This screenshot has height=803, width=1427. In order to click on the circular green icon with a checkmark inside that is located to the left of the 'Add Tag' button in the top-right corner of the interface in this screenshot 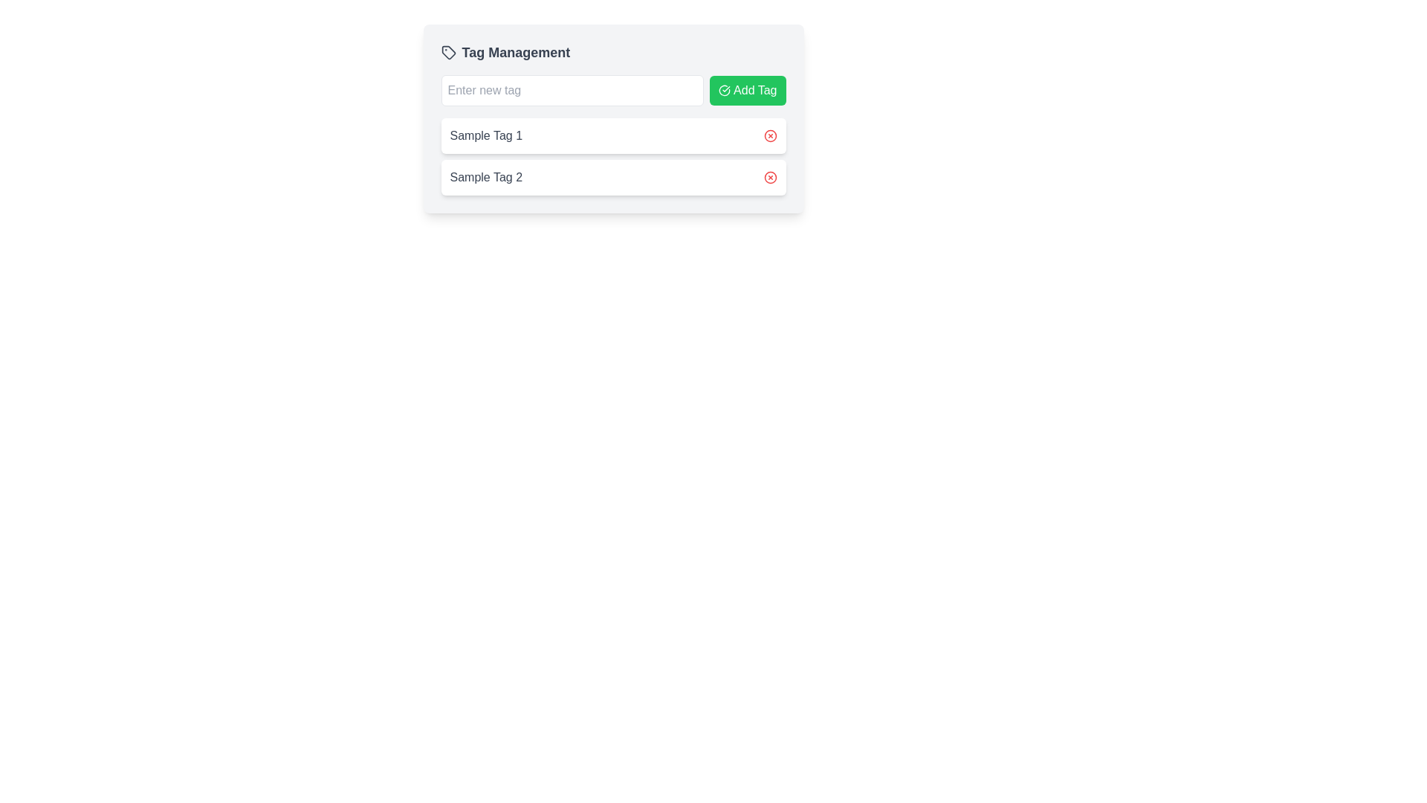, I will do `click(725, 91)`.